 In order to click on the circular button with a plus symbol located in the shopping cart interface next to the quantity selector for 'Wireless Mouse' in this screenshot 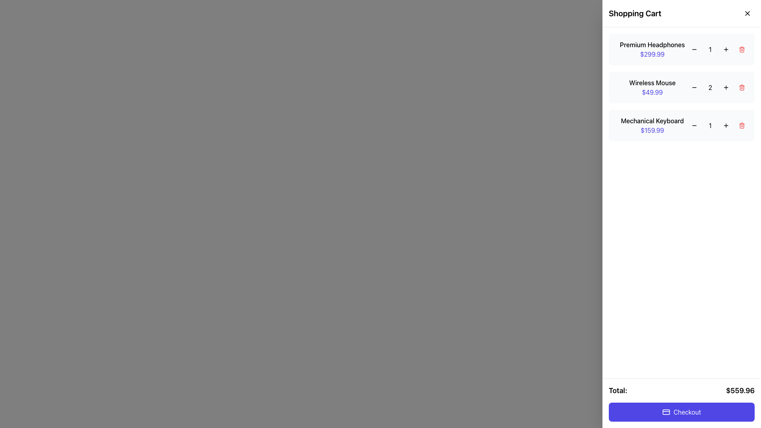, I will do `click(726, 87)`.